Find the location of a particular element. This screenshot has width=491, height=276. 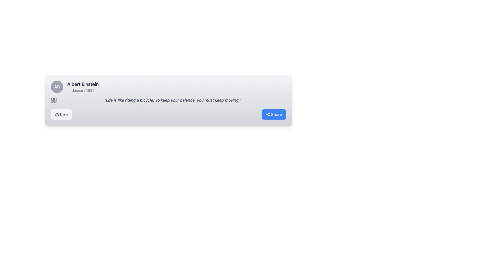

text displayed in the small-sized textual component labeled 'January 1921', which is styled in light gray font and positioned below the 'Albert Einstein' text is located at coordinates (83, 90).